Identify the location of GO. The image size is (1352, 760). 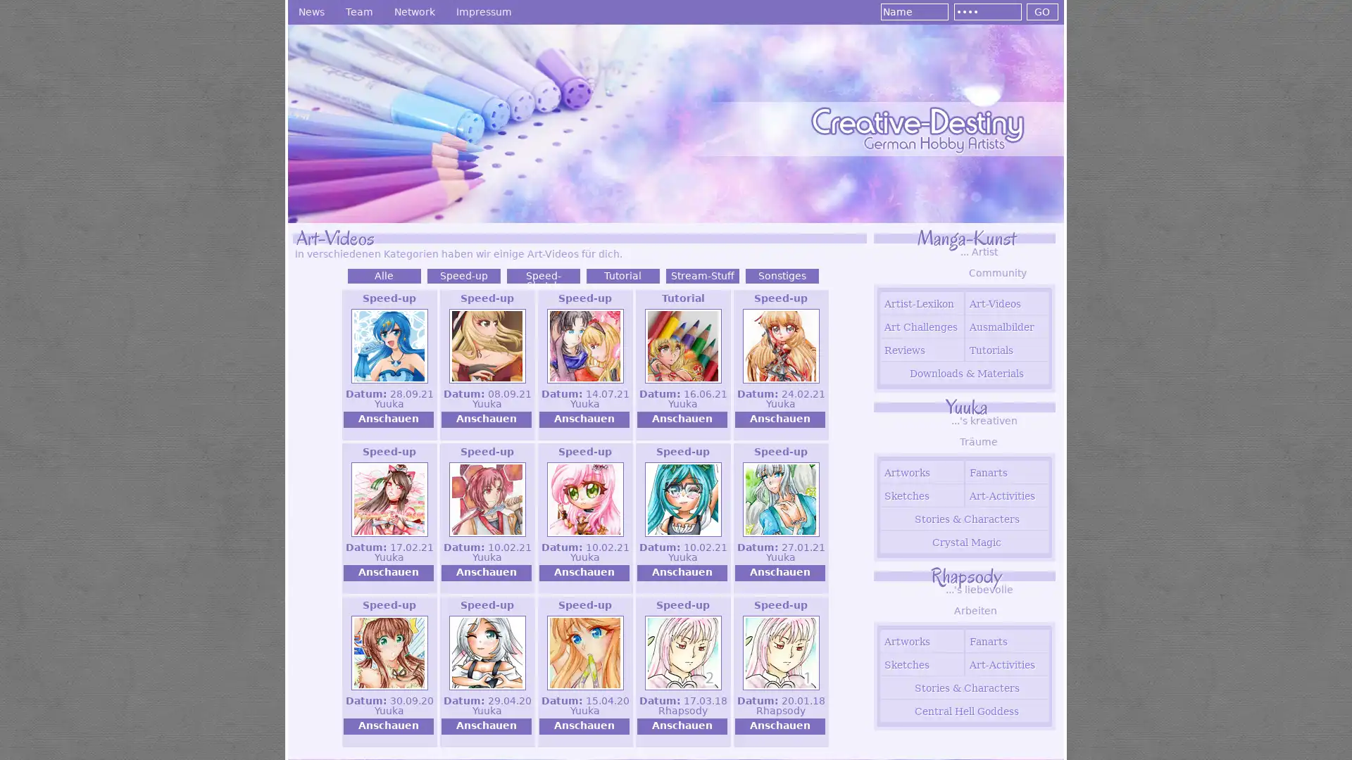
(1041, 11).